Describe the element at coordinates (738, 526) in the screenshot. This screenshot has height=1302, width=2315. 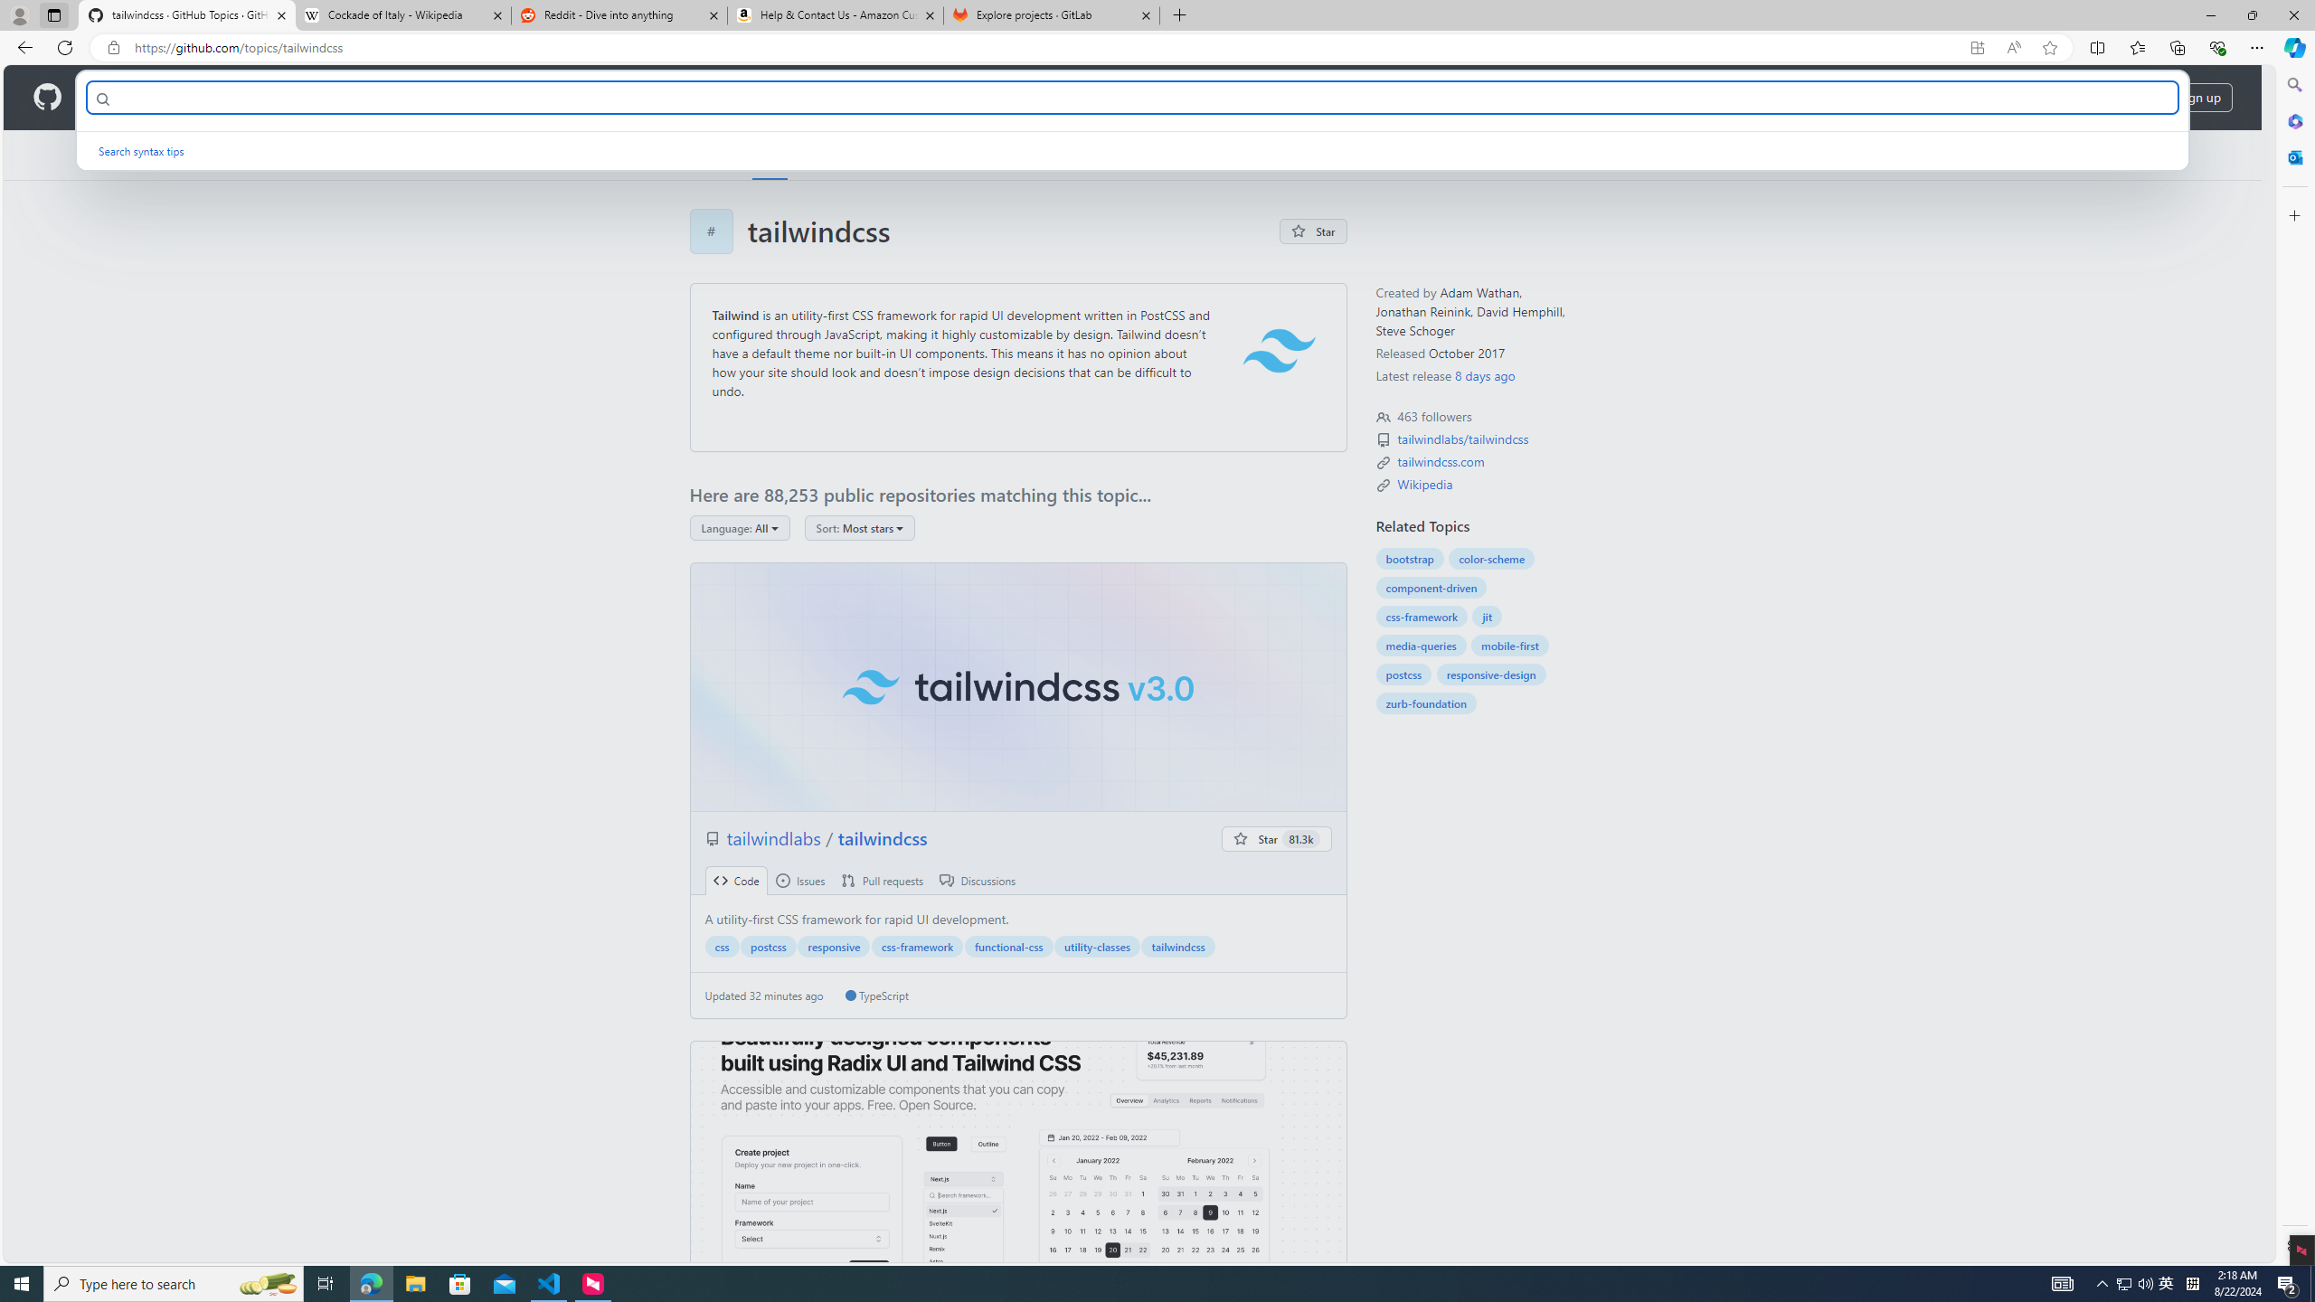
I see `'Language: All'` at that location.